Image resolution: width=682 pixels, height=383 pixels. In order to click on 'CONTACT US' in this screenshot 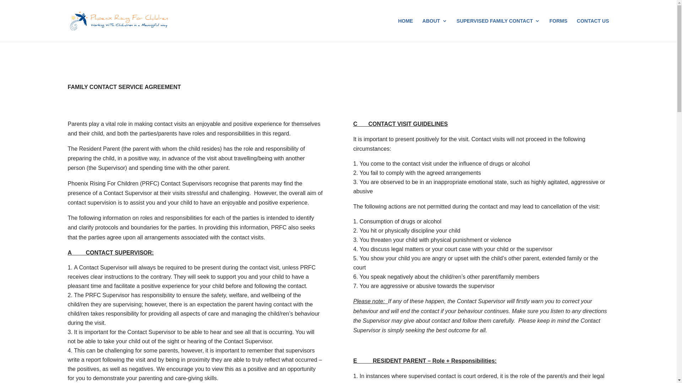, I will do `click(593, 29)`.